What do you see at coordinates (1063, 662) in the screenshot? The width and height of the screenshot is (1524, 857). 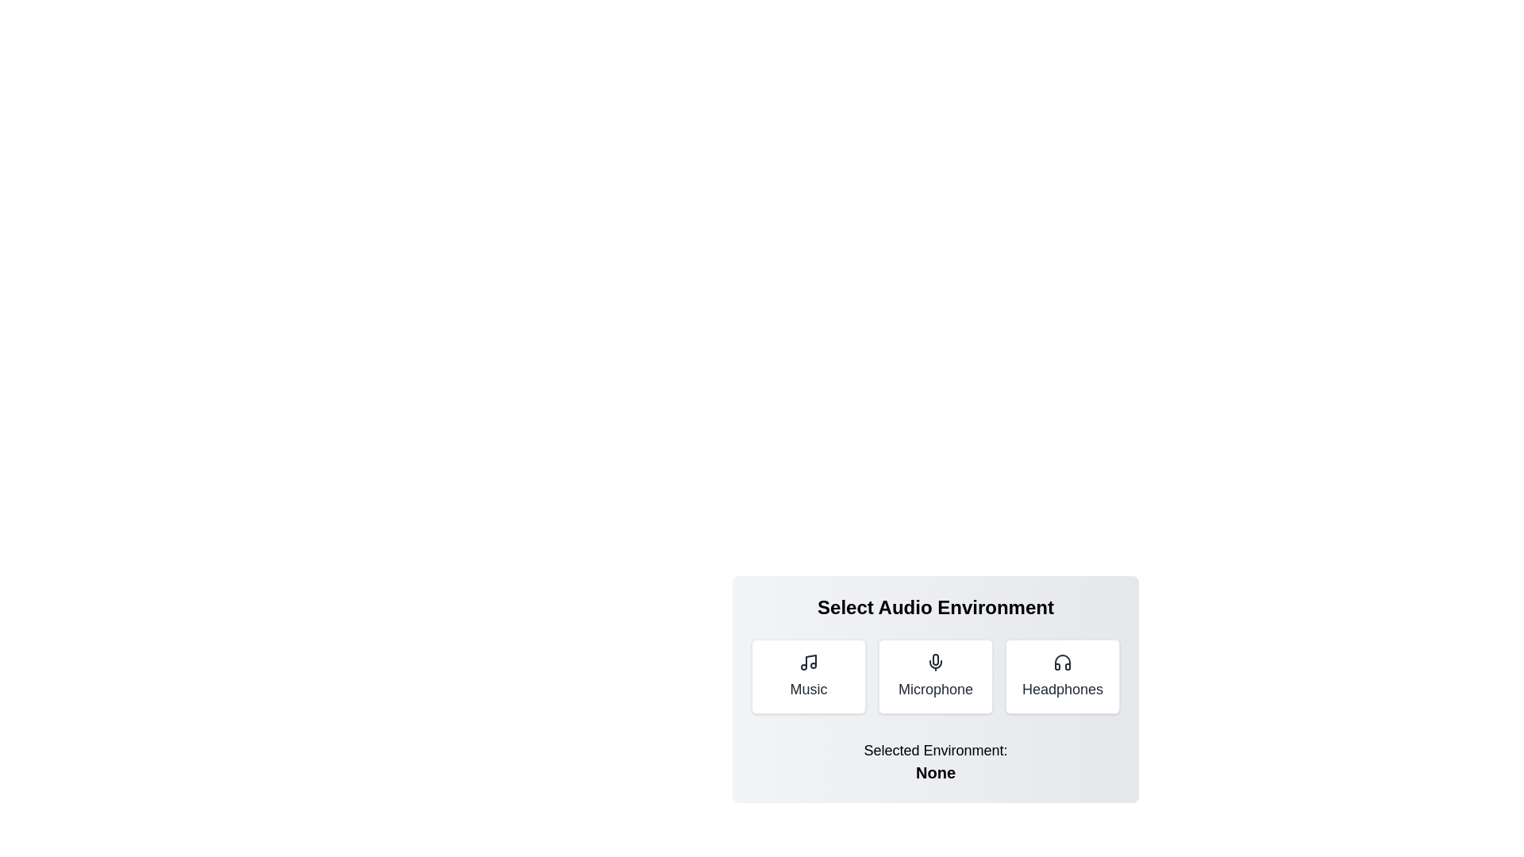 I see `the 'Headphones' icon, which is the rightmost button in a group of three buttons including 'Music' and 'Microphone'` at bounding box center [1063, 662].